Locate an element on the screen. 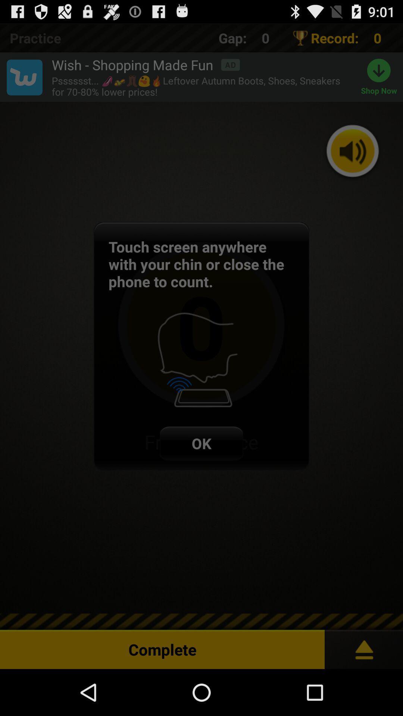 Image resolution: width=403 pixels, height=716 pixels. ok is located at coordinates (201, 443).